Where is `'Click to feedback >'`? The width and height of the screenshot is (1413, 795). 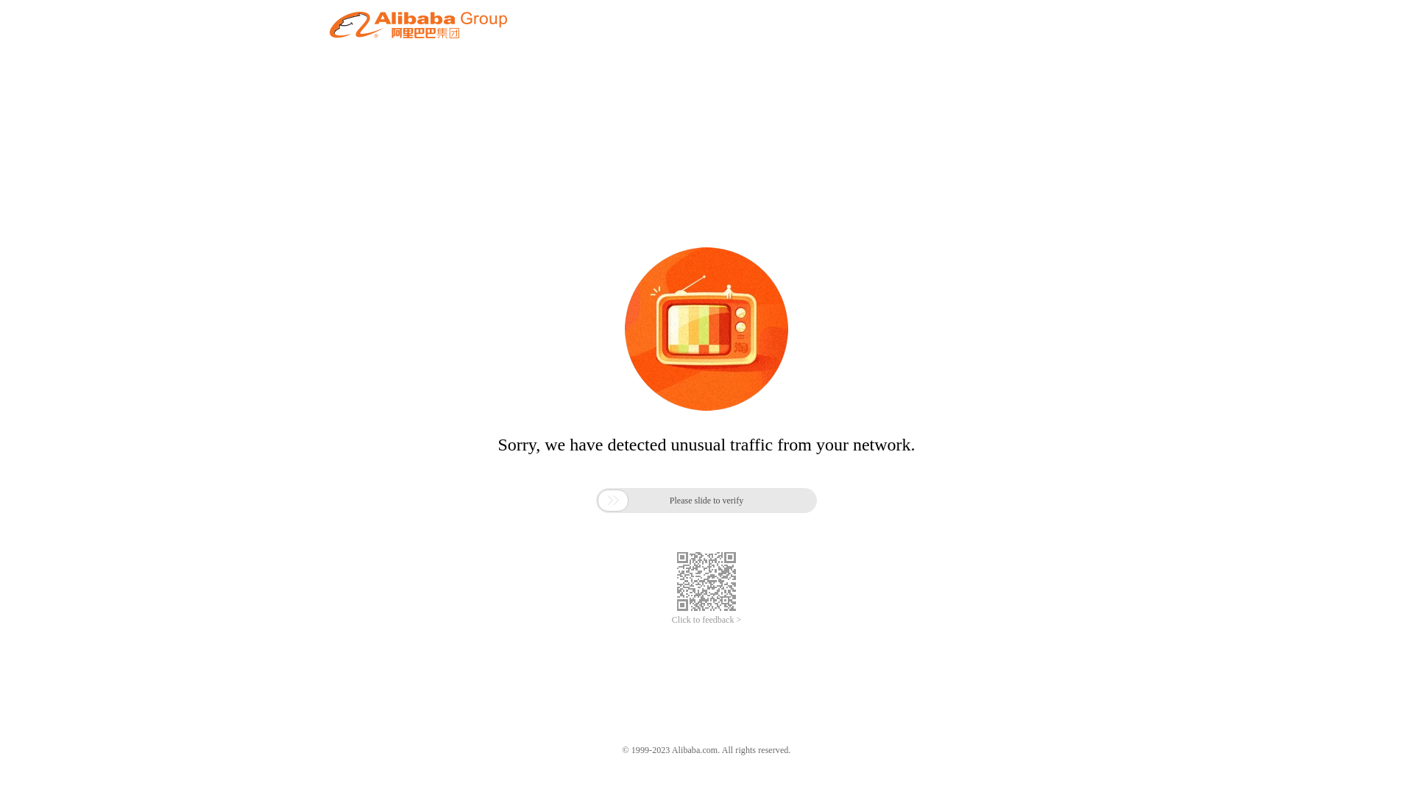
'Click to feedback >' is located at coordinates (706, 620).